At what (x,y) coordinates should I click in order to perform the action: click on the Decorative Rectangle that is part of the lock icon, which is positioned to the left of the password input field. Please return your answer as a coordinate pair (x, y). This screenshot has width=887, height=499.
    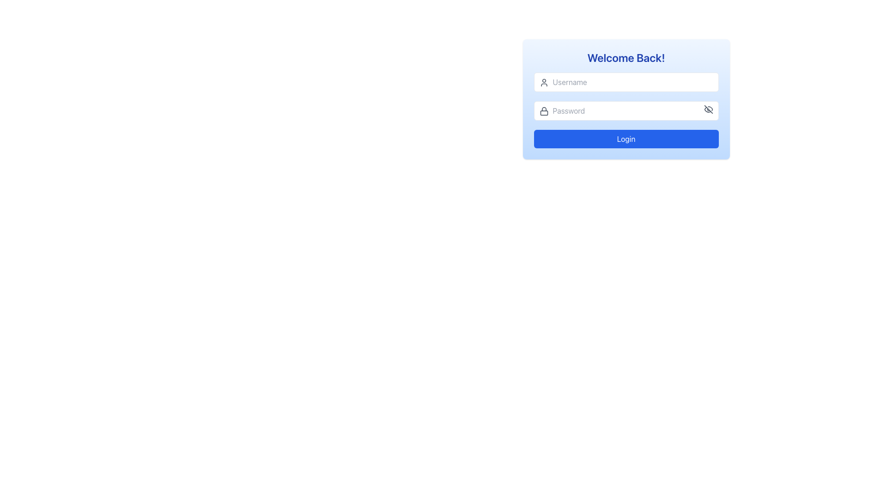
    Looking at the image, I should click on (544, 112).